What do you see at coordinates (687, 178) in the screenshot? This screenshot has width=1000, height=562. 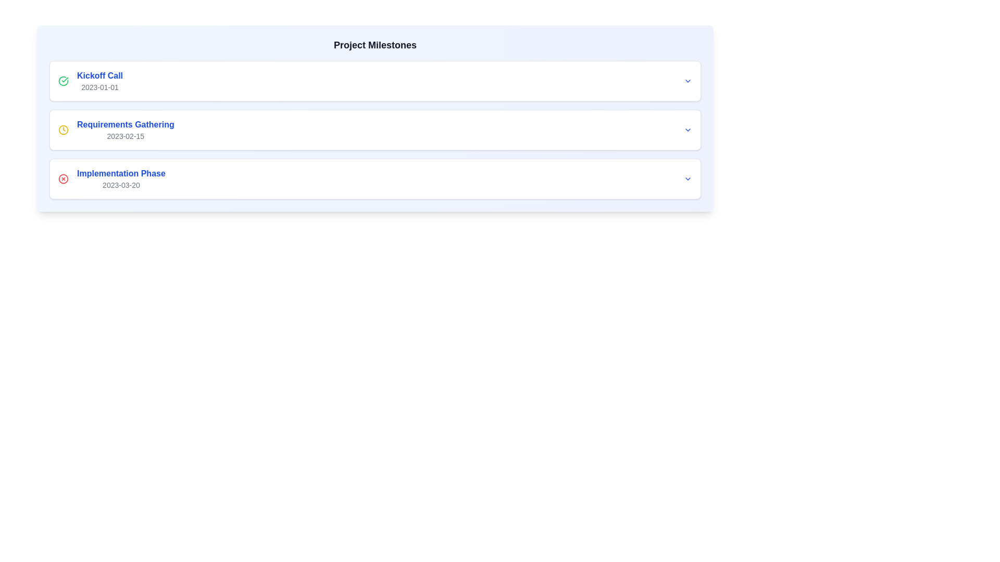 I see `the blue downward-pointing chevron icon` at bounding box center [687, 178].